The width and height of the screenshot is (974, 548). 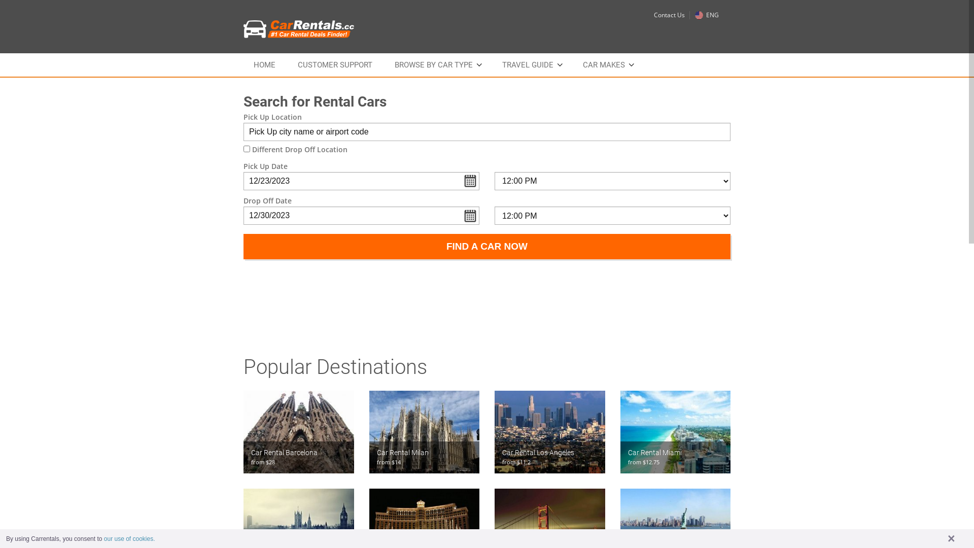 What do you see at coordinates (369, 432) in the screenshot?
I see `'Car Rental Milan` at bounding box center [369, 432].